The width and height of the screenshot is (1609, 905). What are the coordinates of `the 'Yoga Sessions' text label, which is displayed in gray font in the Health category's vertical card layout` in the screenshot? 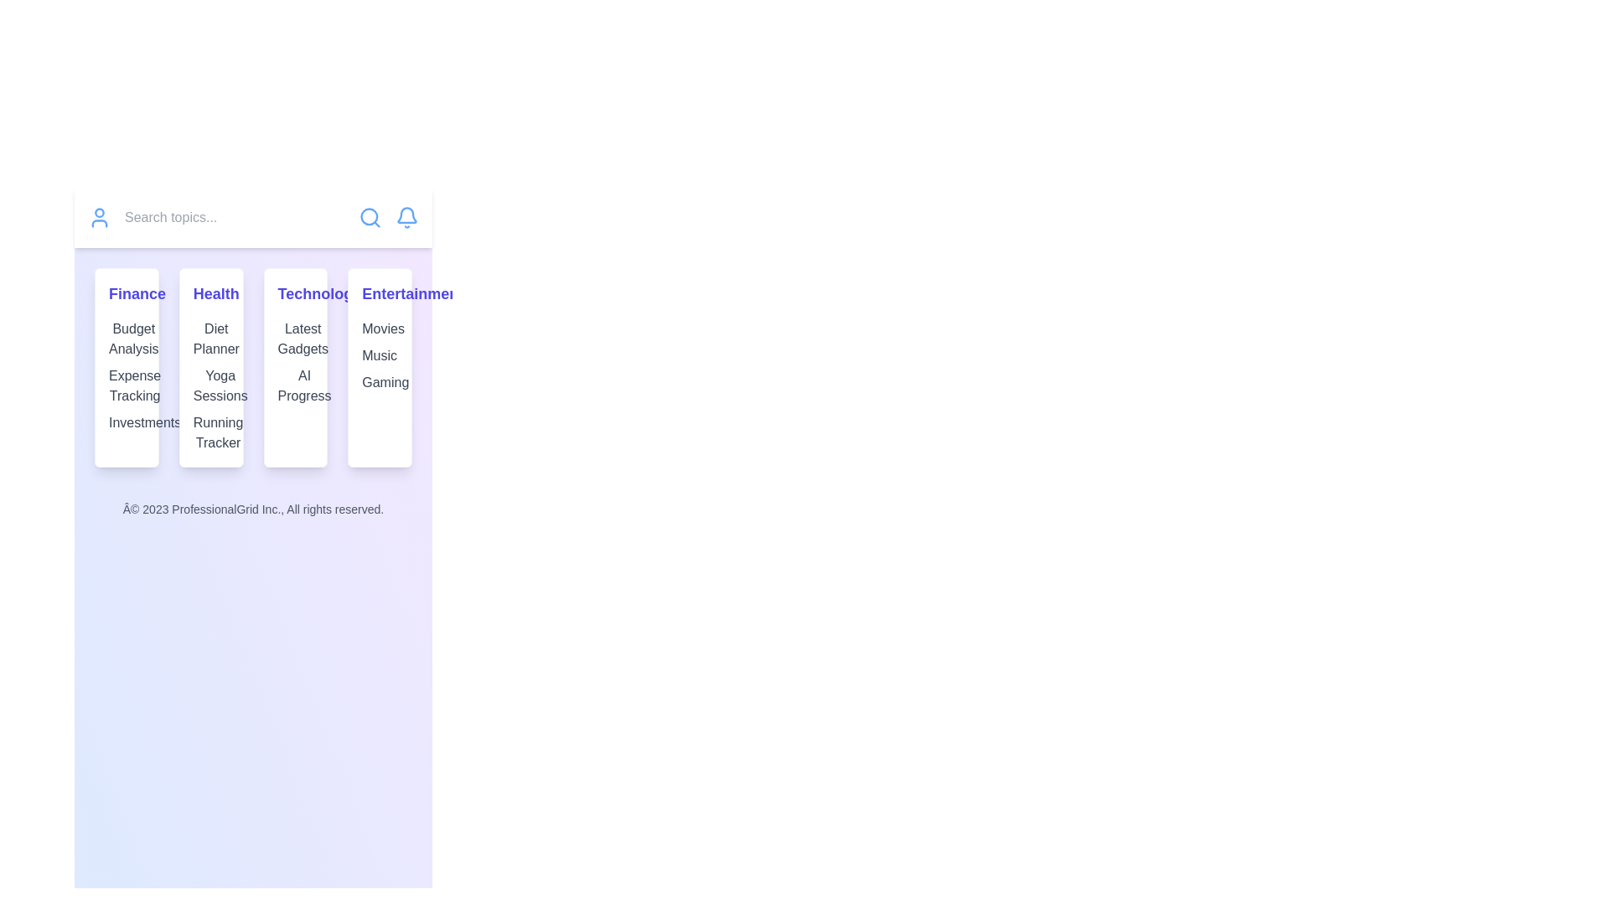 It's located at (210, 386).